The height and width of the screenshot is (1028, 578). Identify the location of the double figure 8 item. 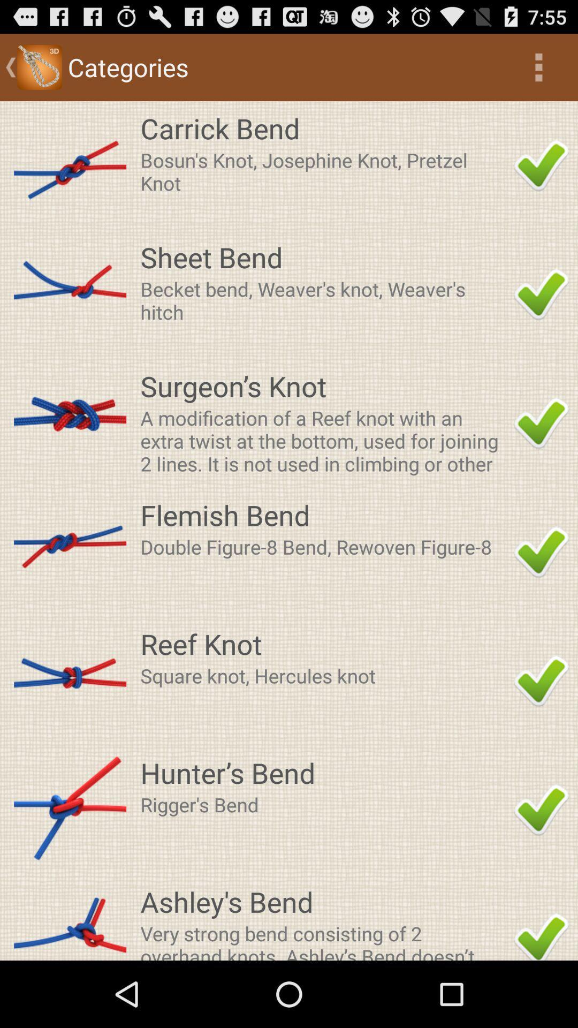
(323, 547).